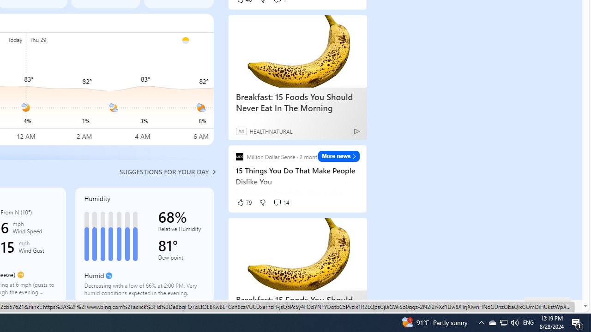  I want to click on 'Suggestions for your day', so click(164, 172).